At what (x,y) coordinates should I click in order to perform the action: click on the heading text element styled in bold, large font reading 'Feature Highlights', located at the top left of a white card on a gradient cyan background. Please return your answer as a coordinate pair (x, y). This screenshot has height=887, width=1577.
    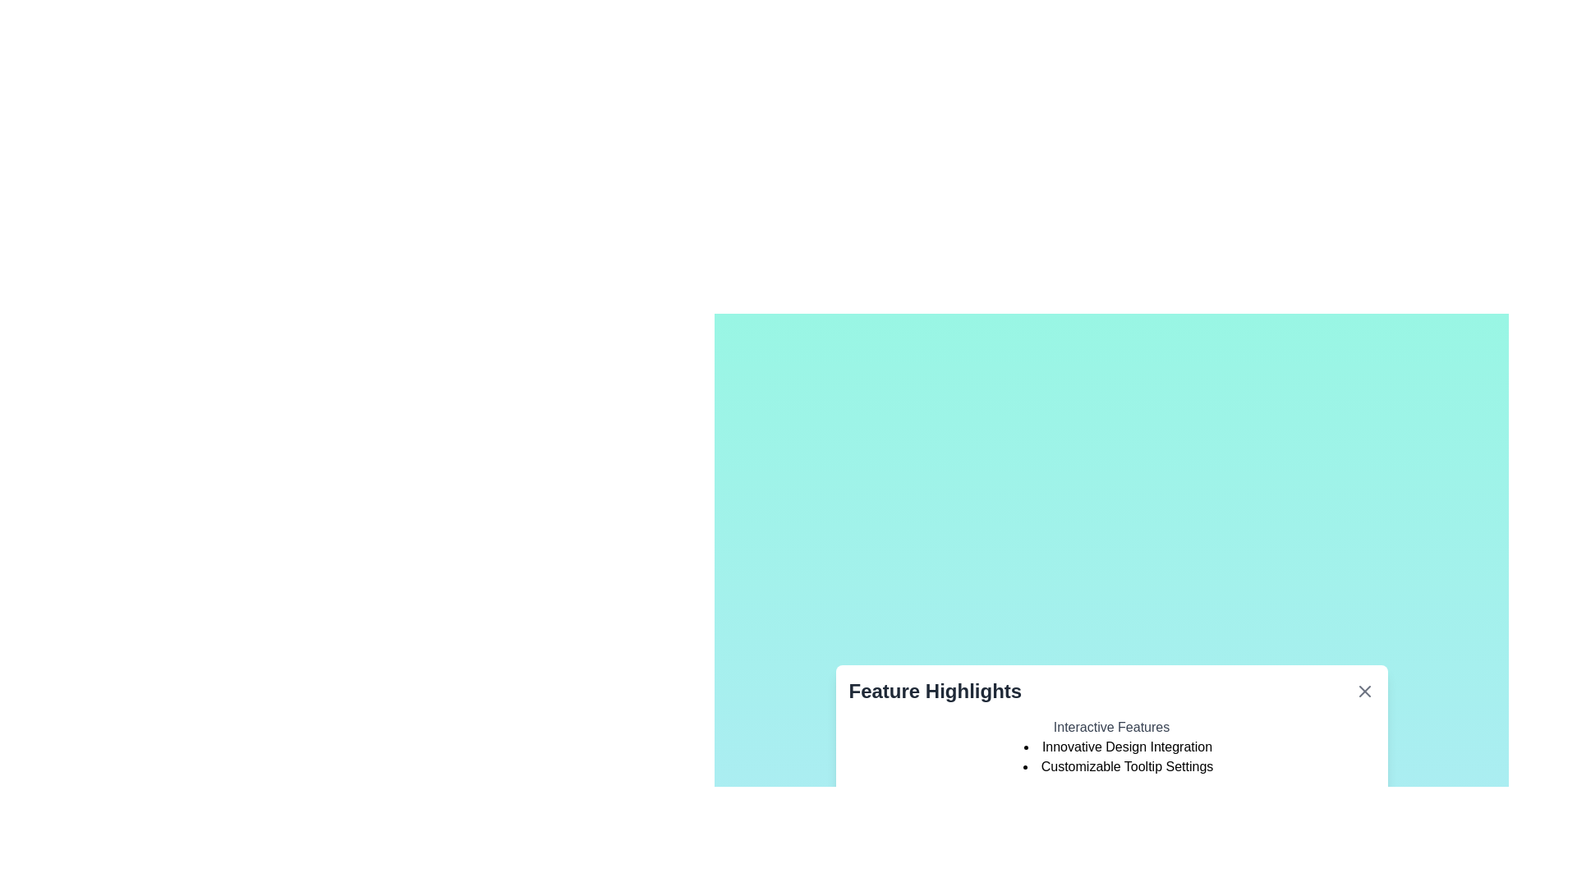
    Looking at the image, I should click on (935, 691).